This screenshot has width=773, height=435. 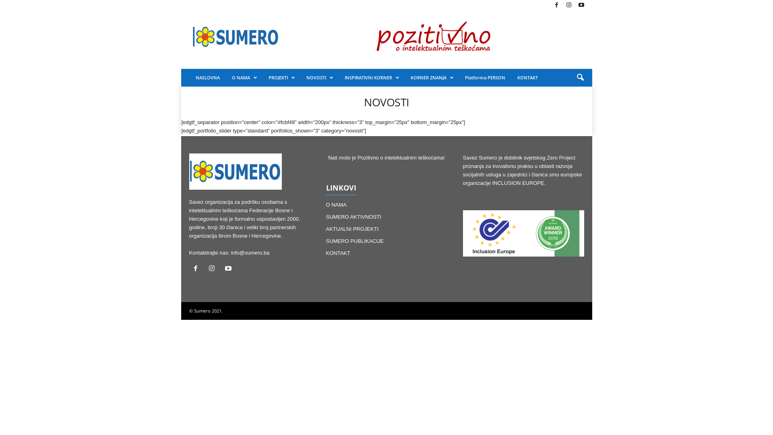 What do you see at coordinates (355, 240) in the screenshot?
I see `'SUMERO PUBLIKACIJE'` at bounding box center [355, 240].